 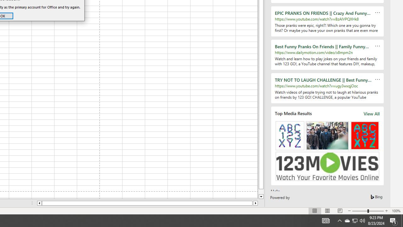 What do you see at coordinates (360, 211) in the screenshot?
I see `'Zoom Out'` at bounding box center [360, 211].